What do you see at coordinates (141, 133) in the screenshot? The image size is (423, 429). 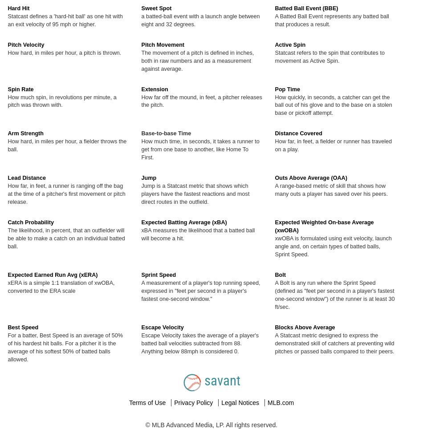 I see `'Base-to-base Time'` at bounding box center [141, 133].